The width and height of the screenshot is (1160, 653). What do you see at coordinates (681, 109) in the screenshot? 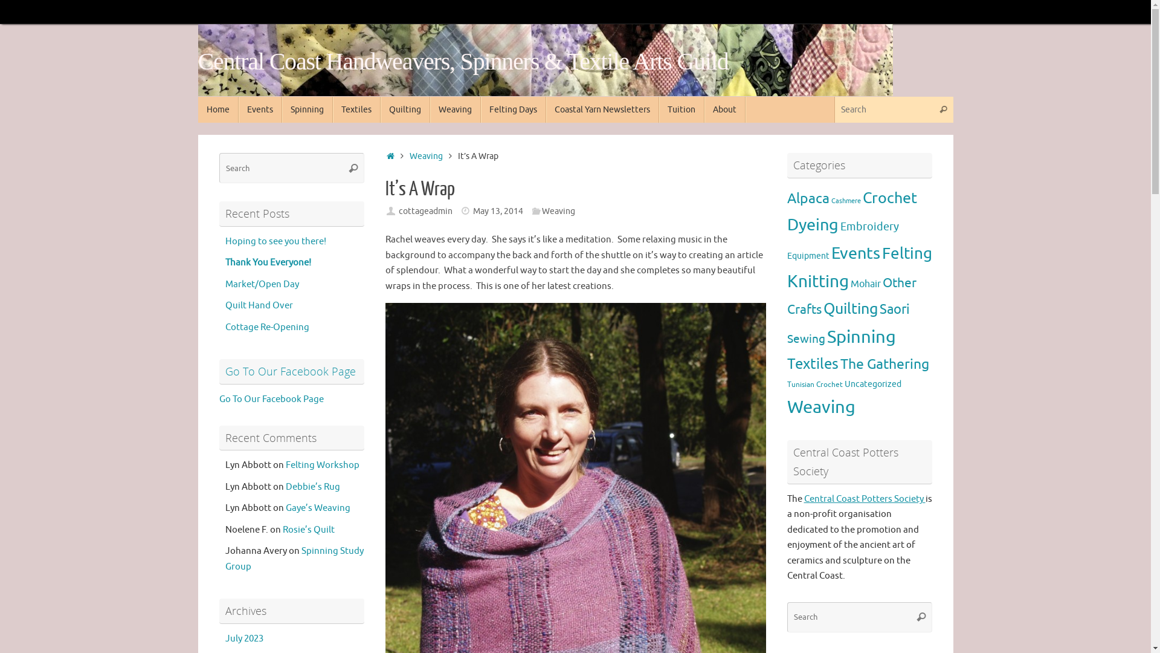
I see `'Tuition'` at bounding box center [681, 109].